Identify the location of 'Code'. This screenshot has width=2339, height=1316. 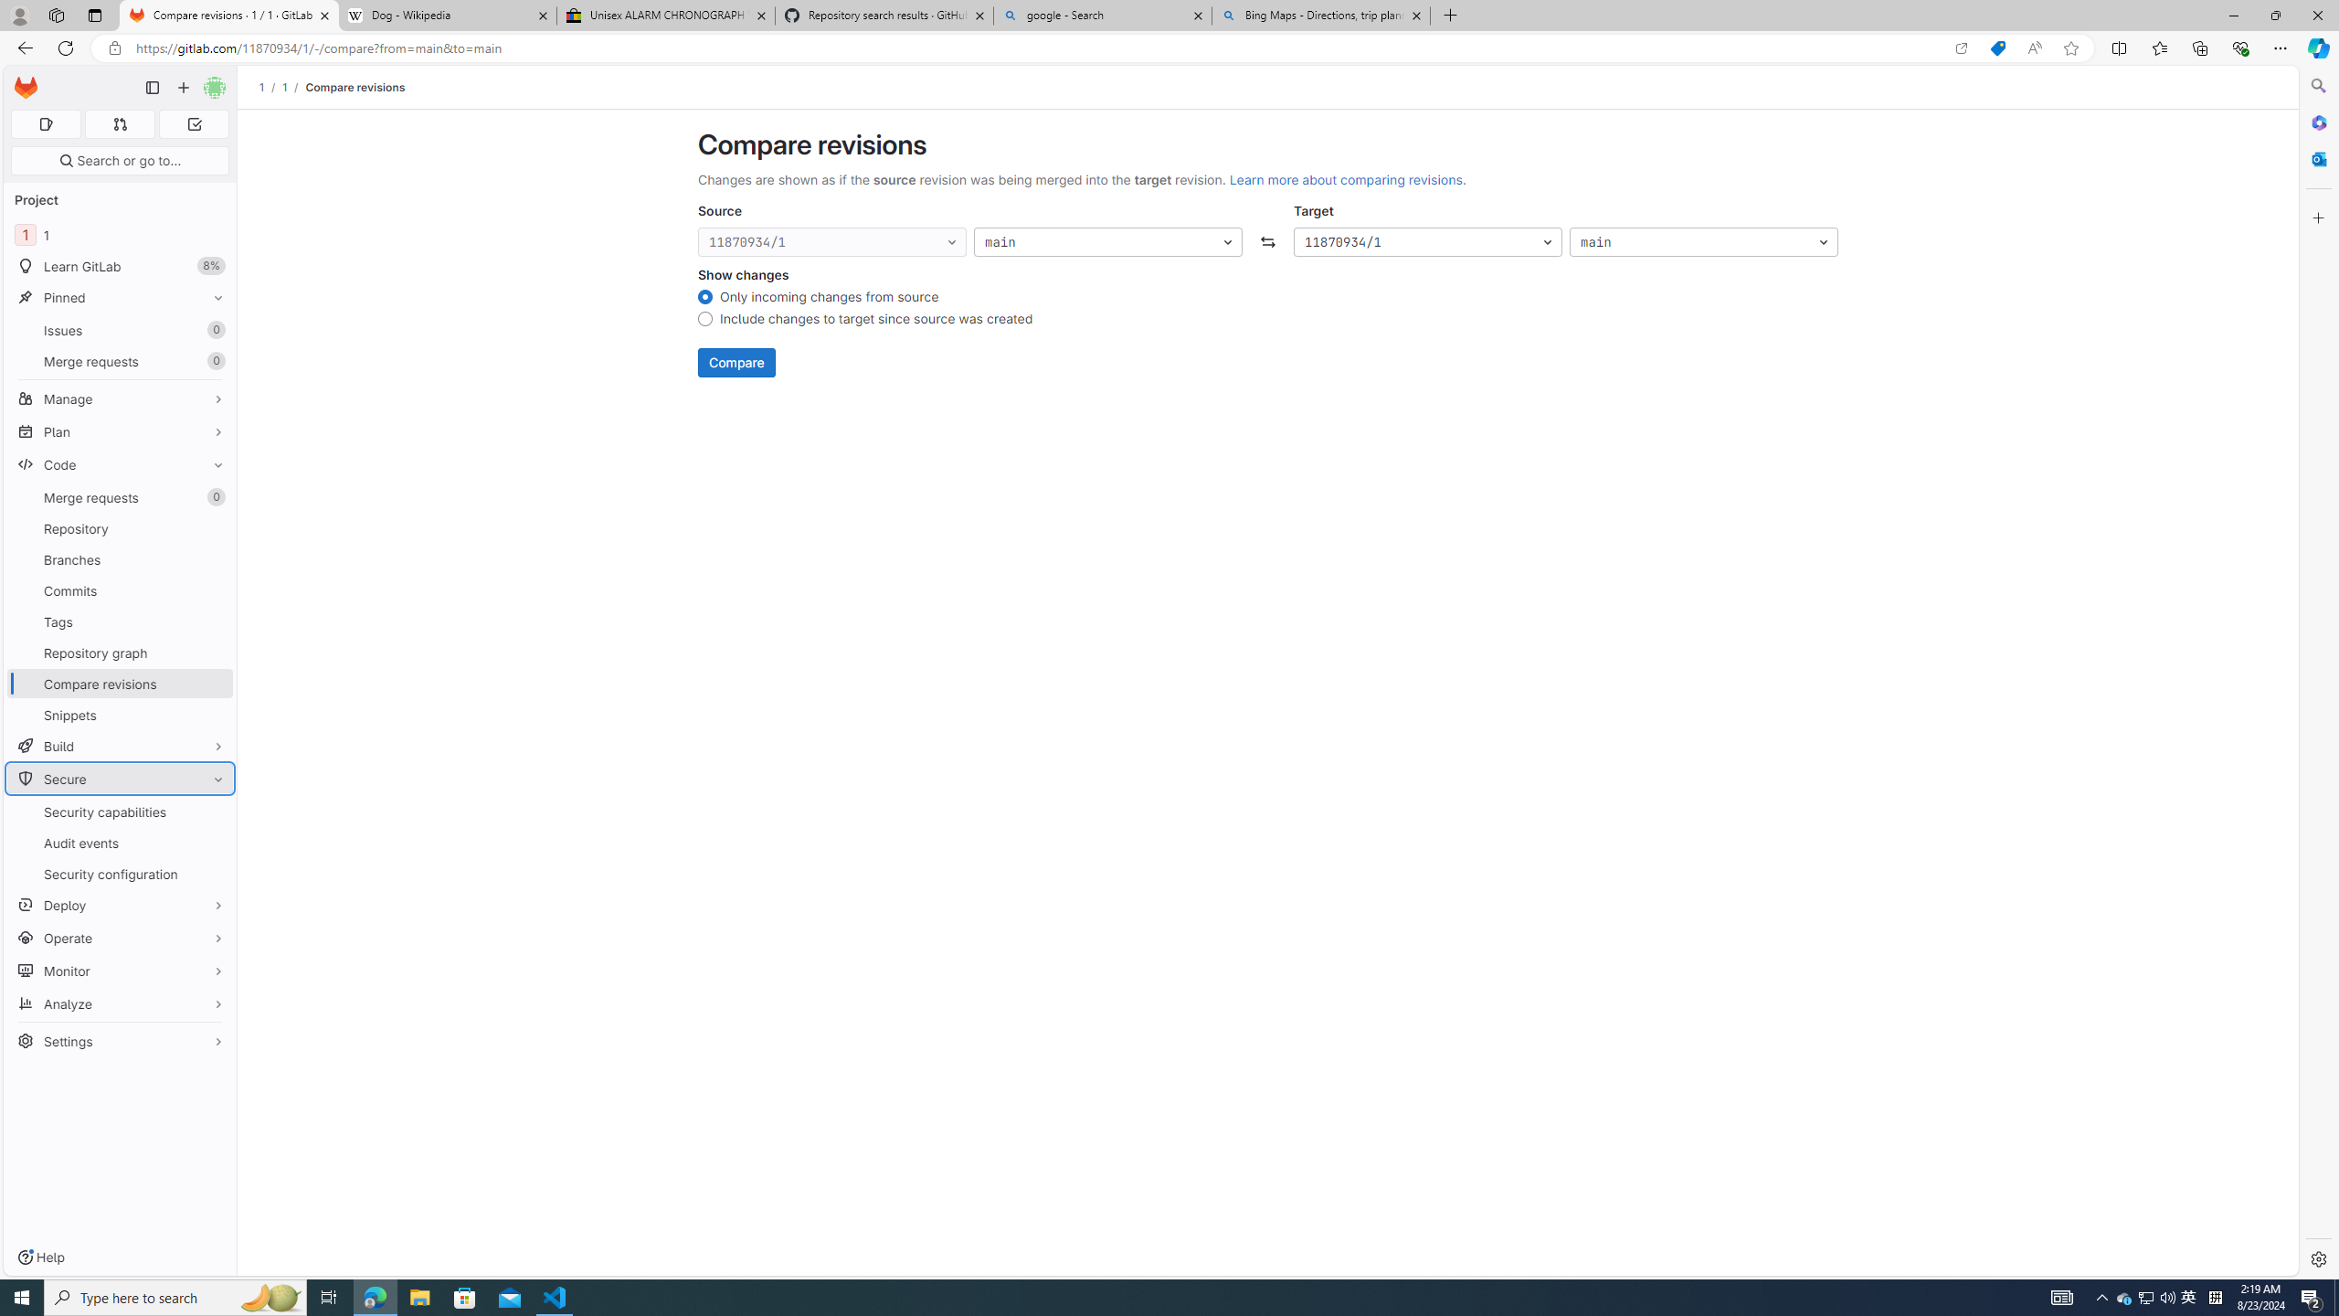
(119, 465).